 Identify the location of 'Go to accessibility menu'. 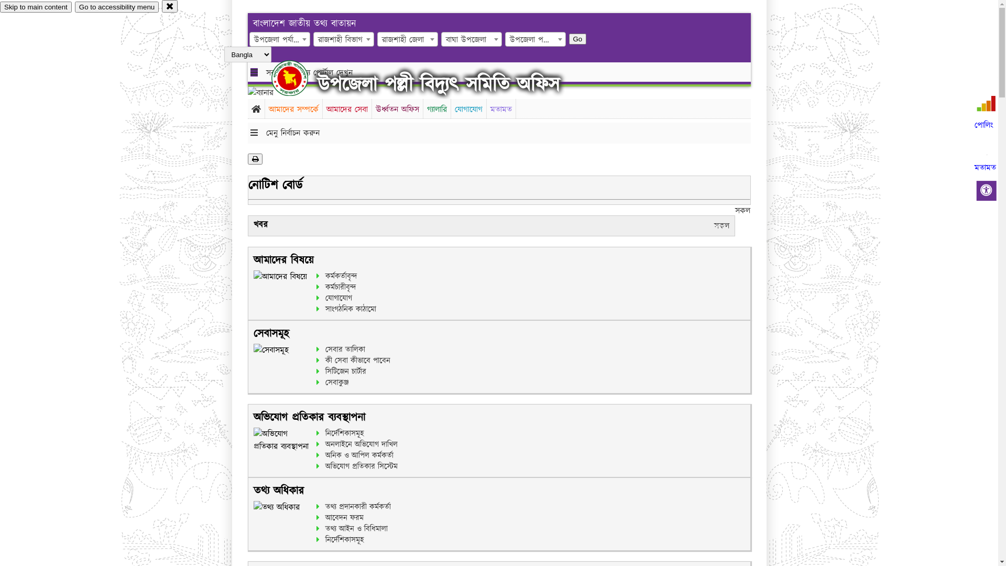
(116, 7).